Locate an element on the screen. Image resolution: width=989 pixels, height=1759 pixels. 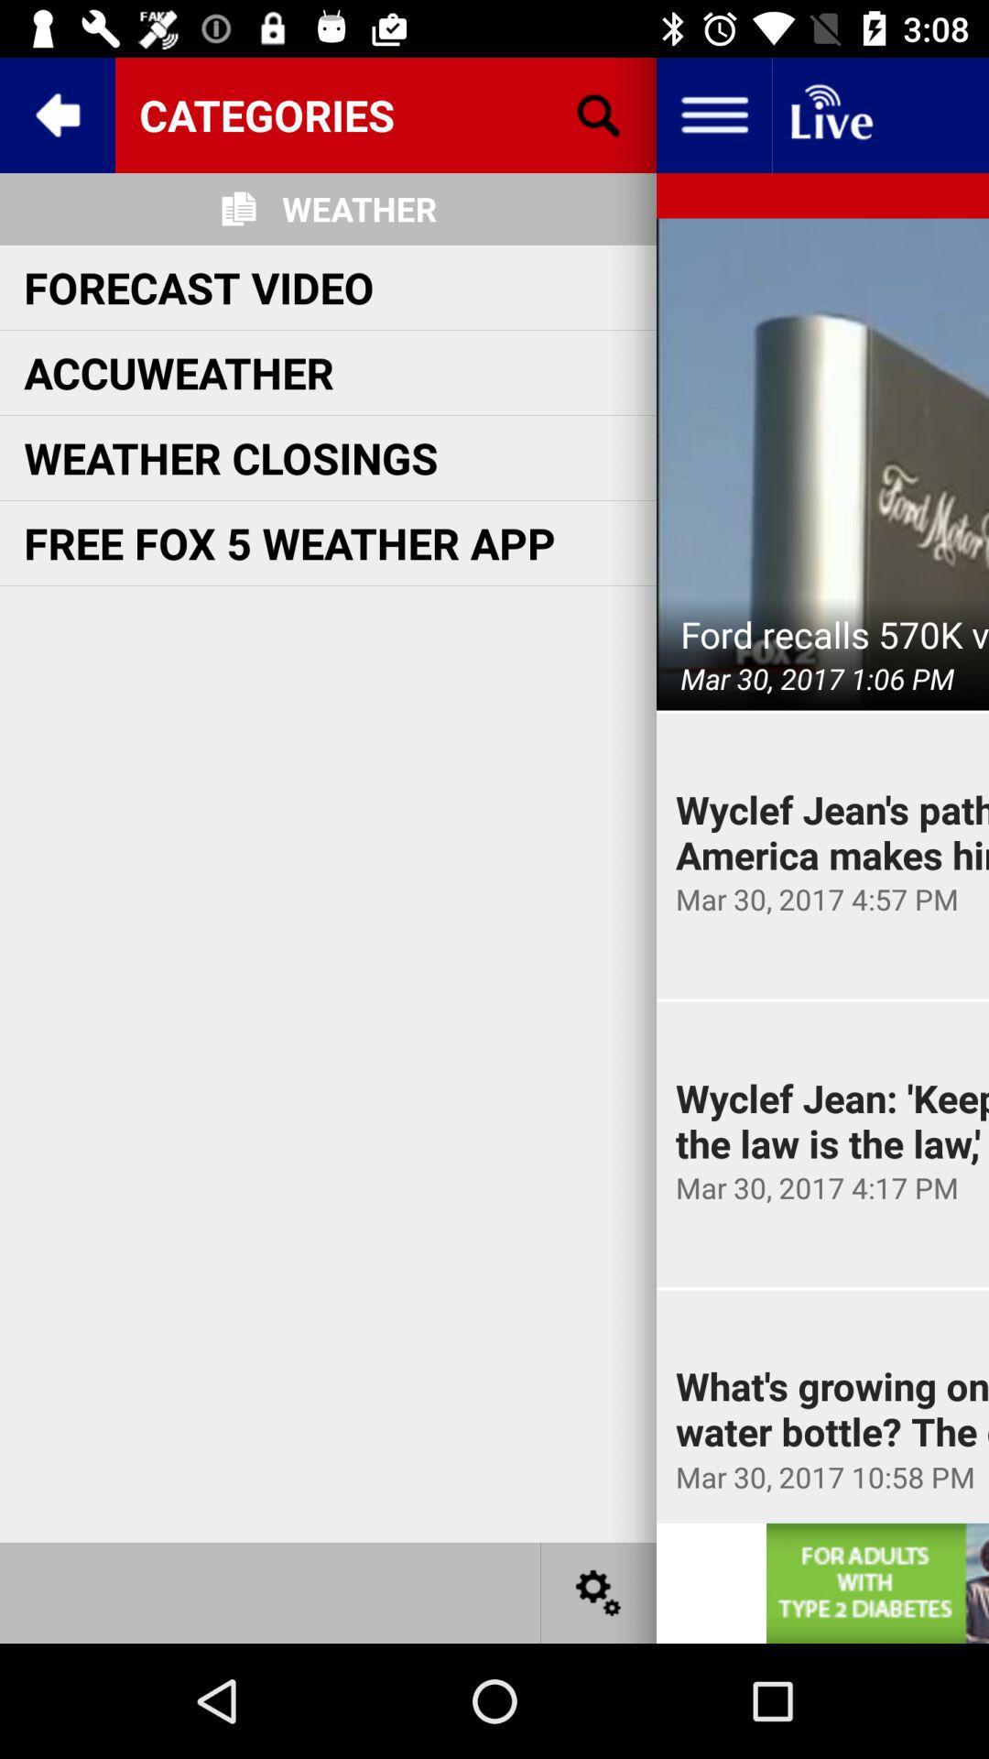
open menu option is located at coordinates (712, 114).